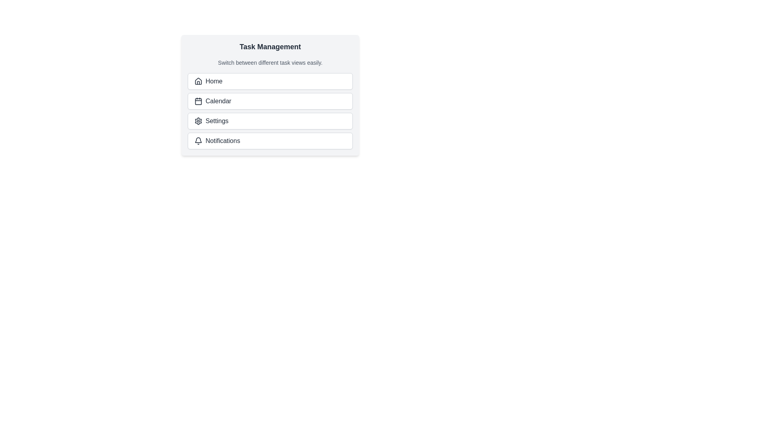  I want to click on the minimalist bell icon notification indicator, which is located on the left side of the 'Notifications' button, so click(198, 140).